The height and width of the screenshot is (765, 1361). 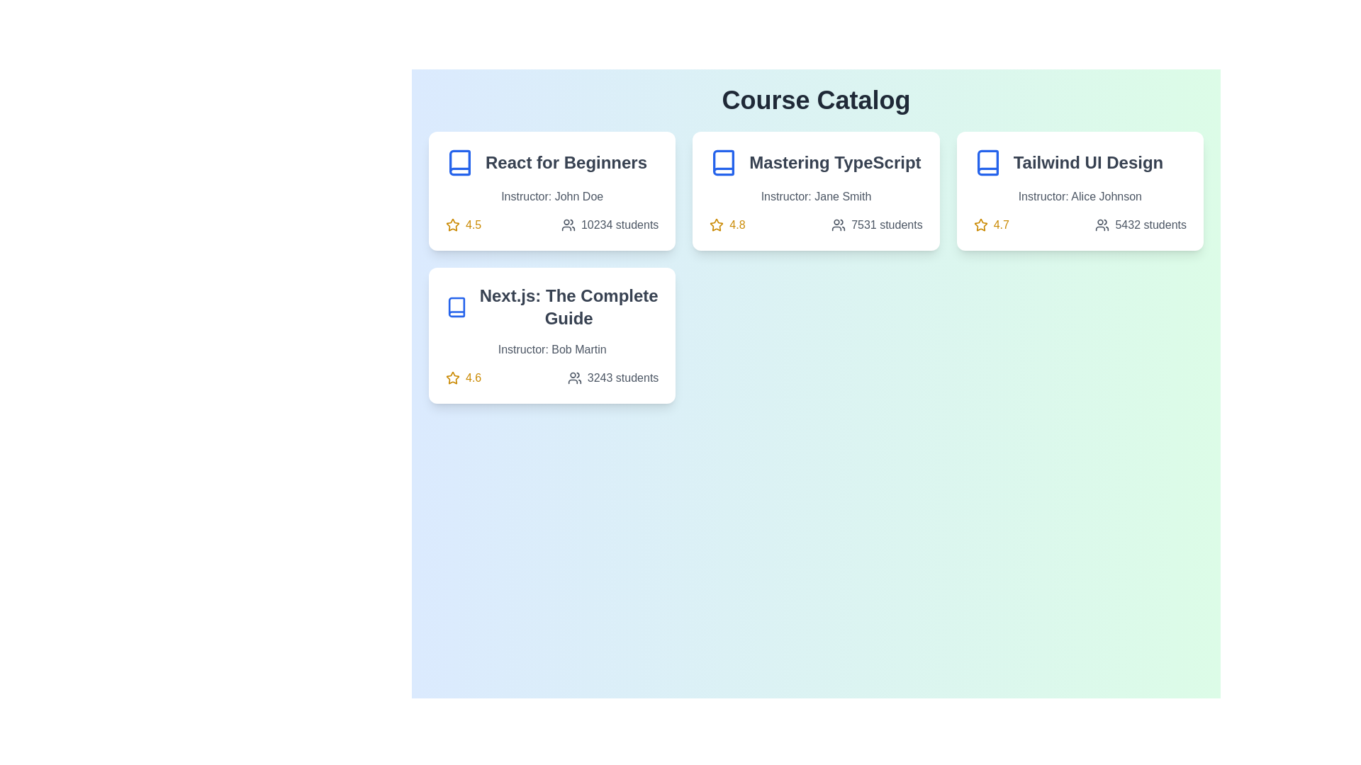 I want to click on the user/group icon represented by two persons in dark gray color, located in the bottom-left card next to the text '3243 students', so click(x=574, y=377).